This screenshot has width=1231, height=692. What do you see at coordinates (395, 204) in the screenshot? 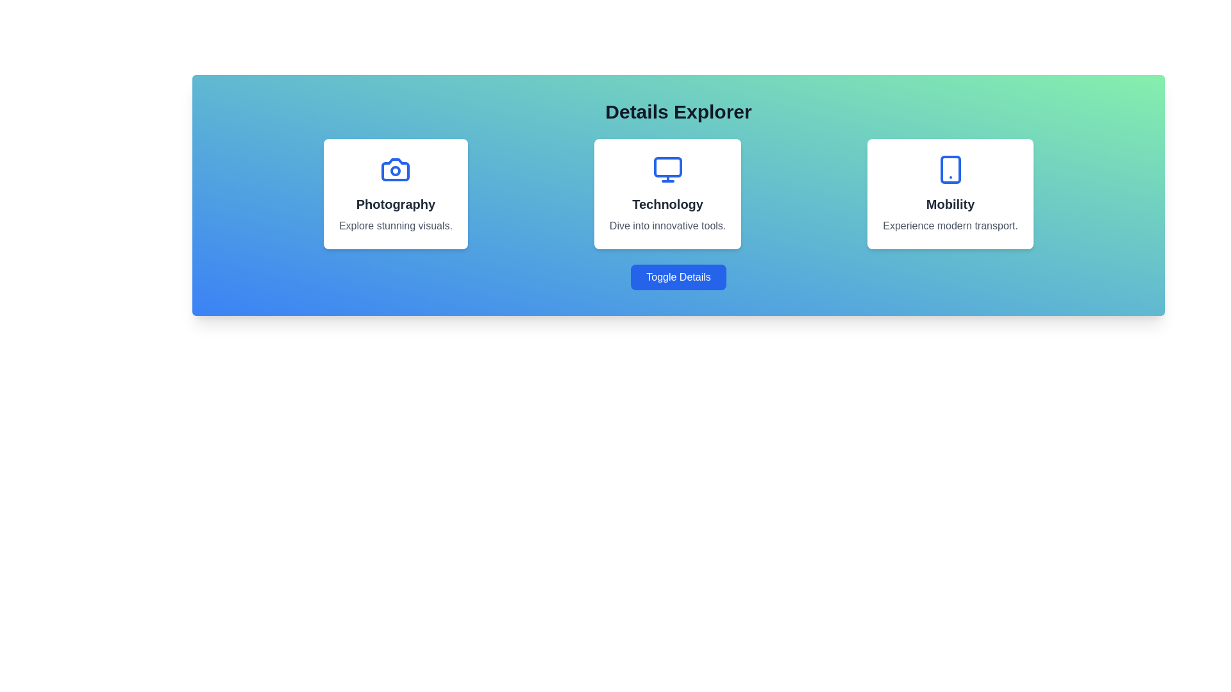
I see `the 'Photography' text label` at bounding box center [395, 204].